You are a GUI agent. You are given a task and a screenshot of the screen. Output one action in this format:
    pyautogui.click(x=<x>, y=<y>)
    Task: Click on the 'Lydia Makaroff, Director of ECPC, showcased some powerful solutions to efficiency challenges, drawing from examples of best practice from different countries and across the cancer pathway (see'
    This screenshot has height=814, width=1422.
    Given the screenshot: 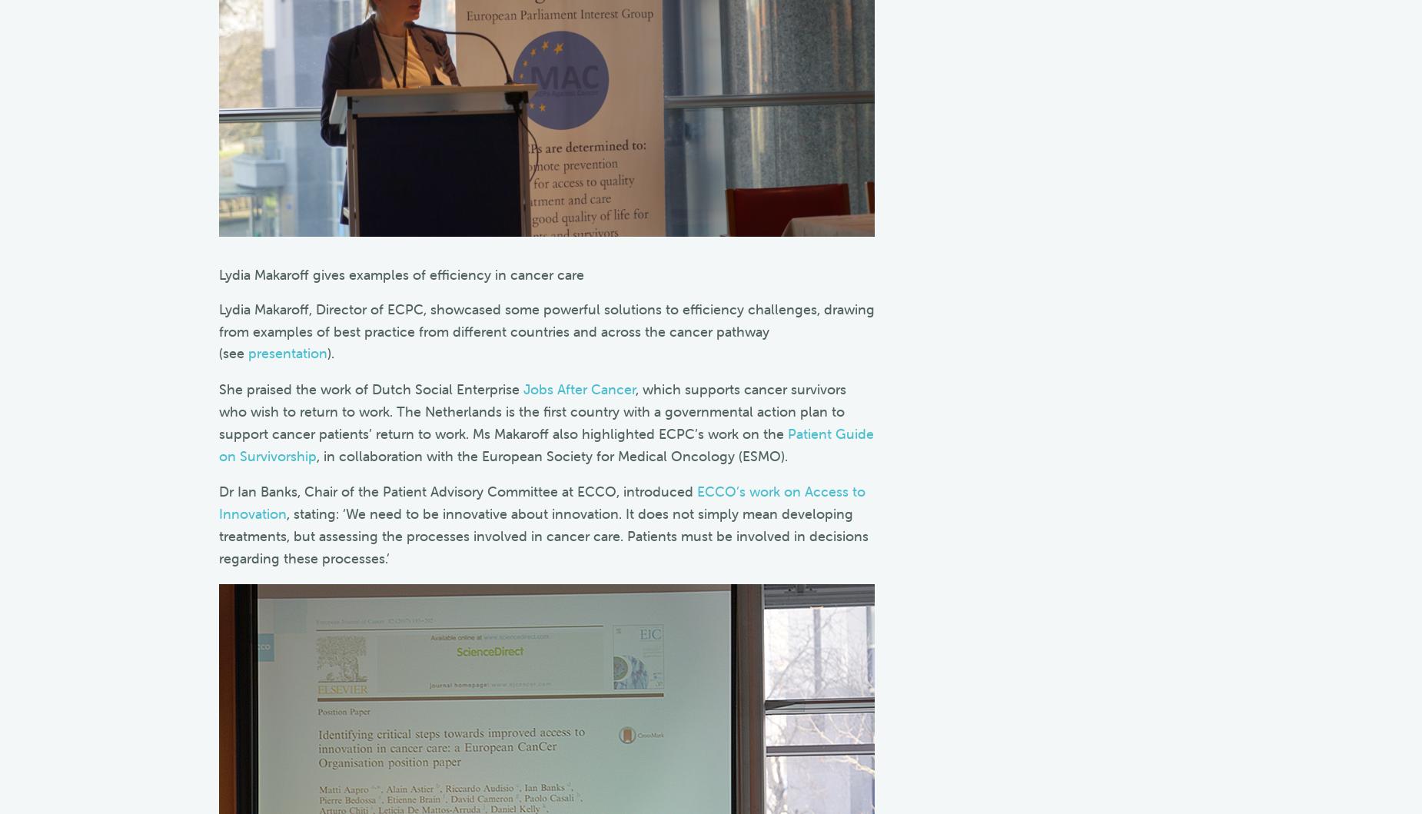 What is the action you would take?
    pyautogui.click(x=546, y=331)
    